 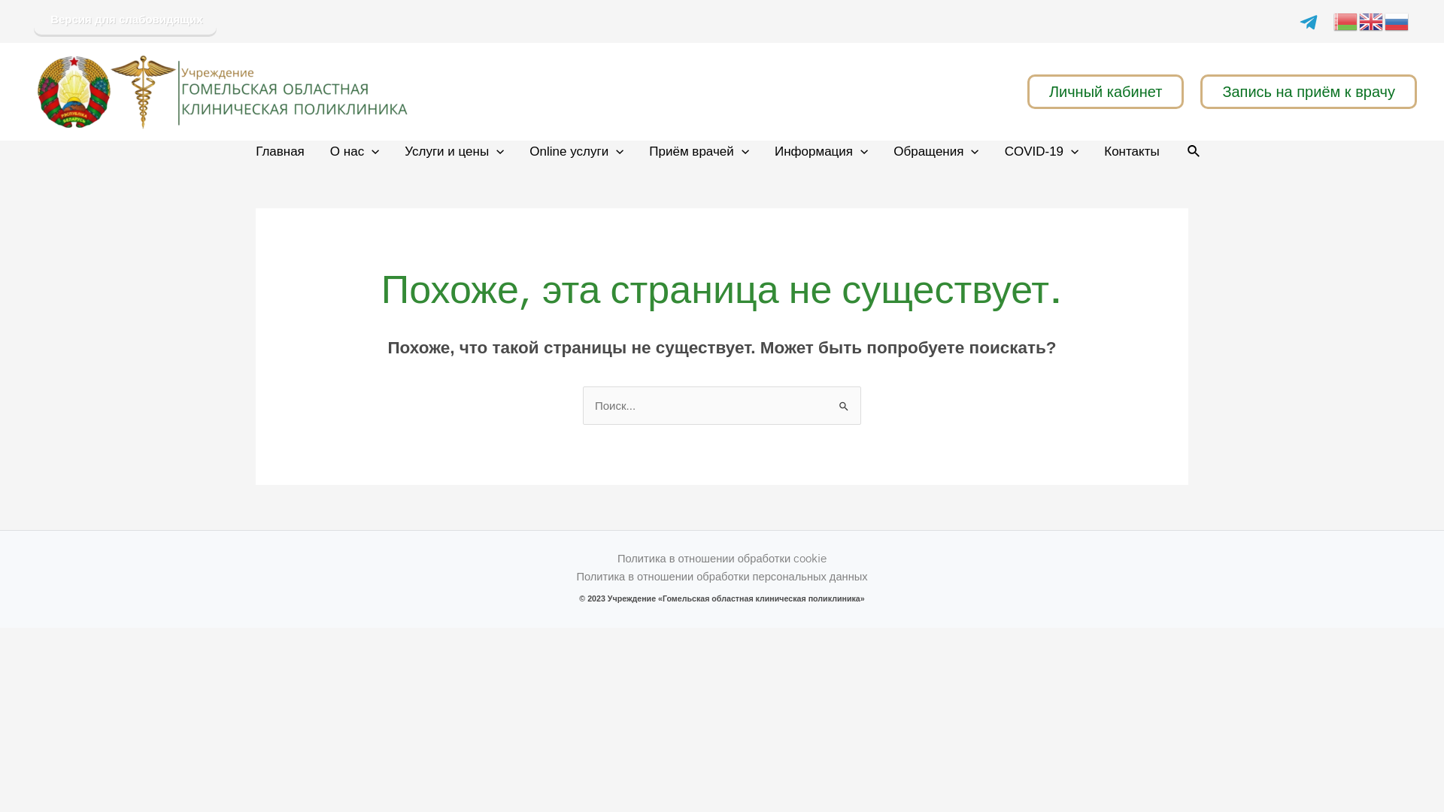 I want to click on 'COVID-19', so click(x=1041, y=151).